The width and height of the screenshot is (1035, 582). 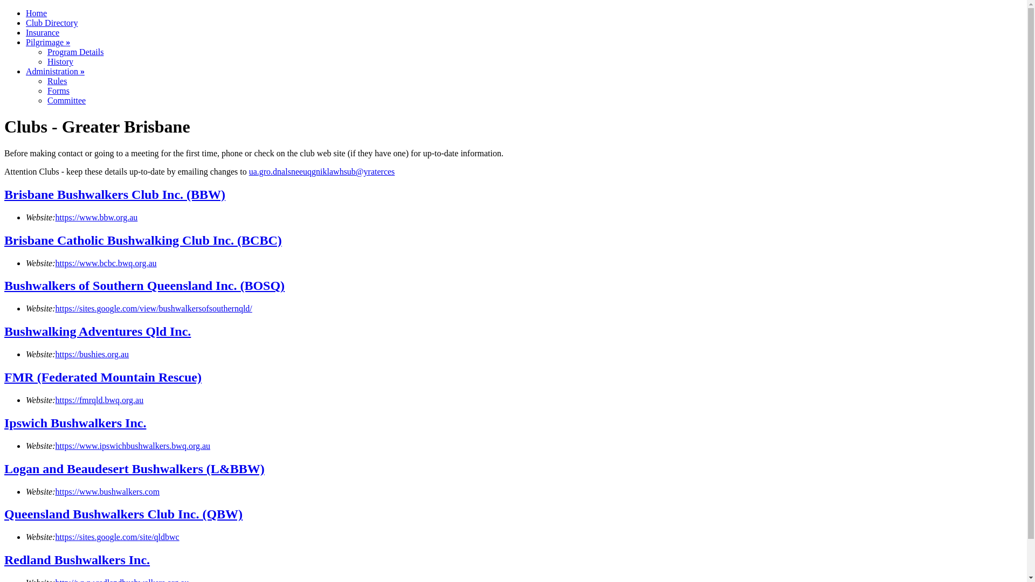 What do you see at coordinates (51, 23) in the screenshot?
I see `'Club Directory'` at bounding box center [51, 23].